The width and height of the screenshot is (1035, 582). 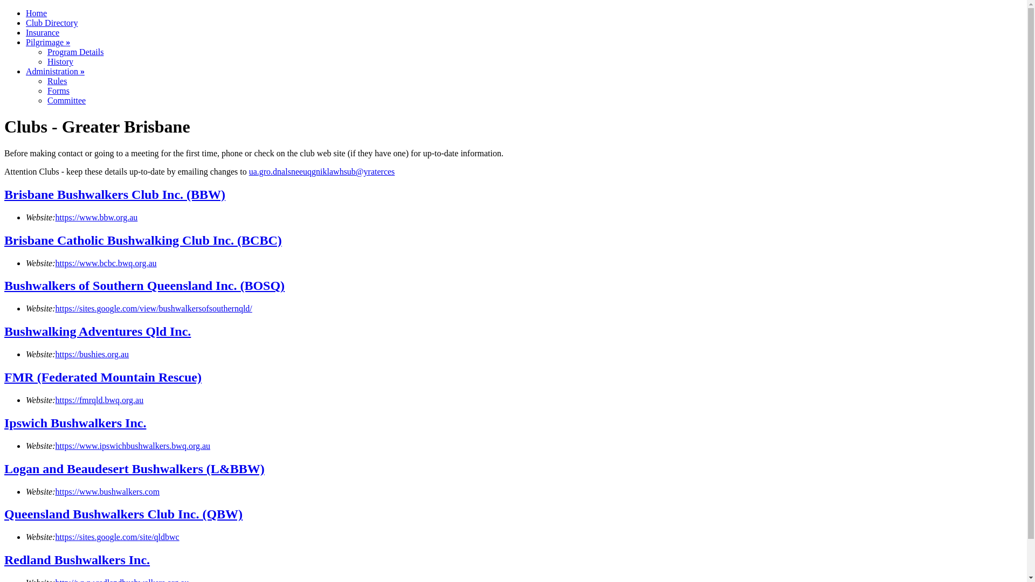 What do you see at coordinates (51, 23) in the screenshot?
I see `'Club Directory'` at bounding box center [51, 23].